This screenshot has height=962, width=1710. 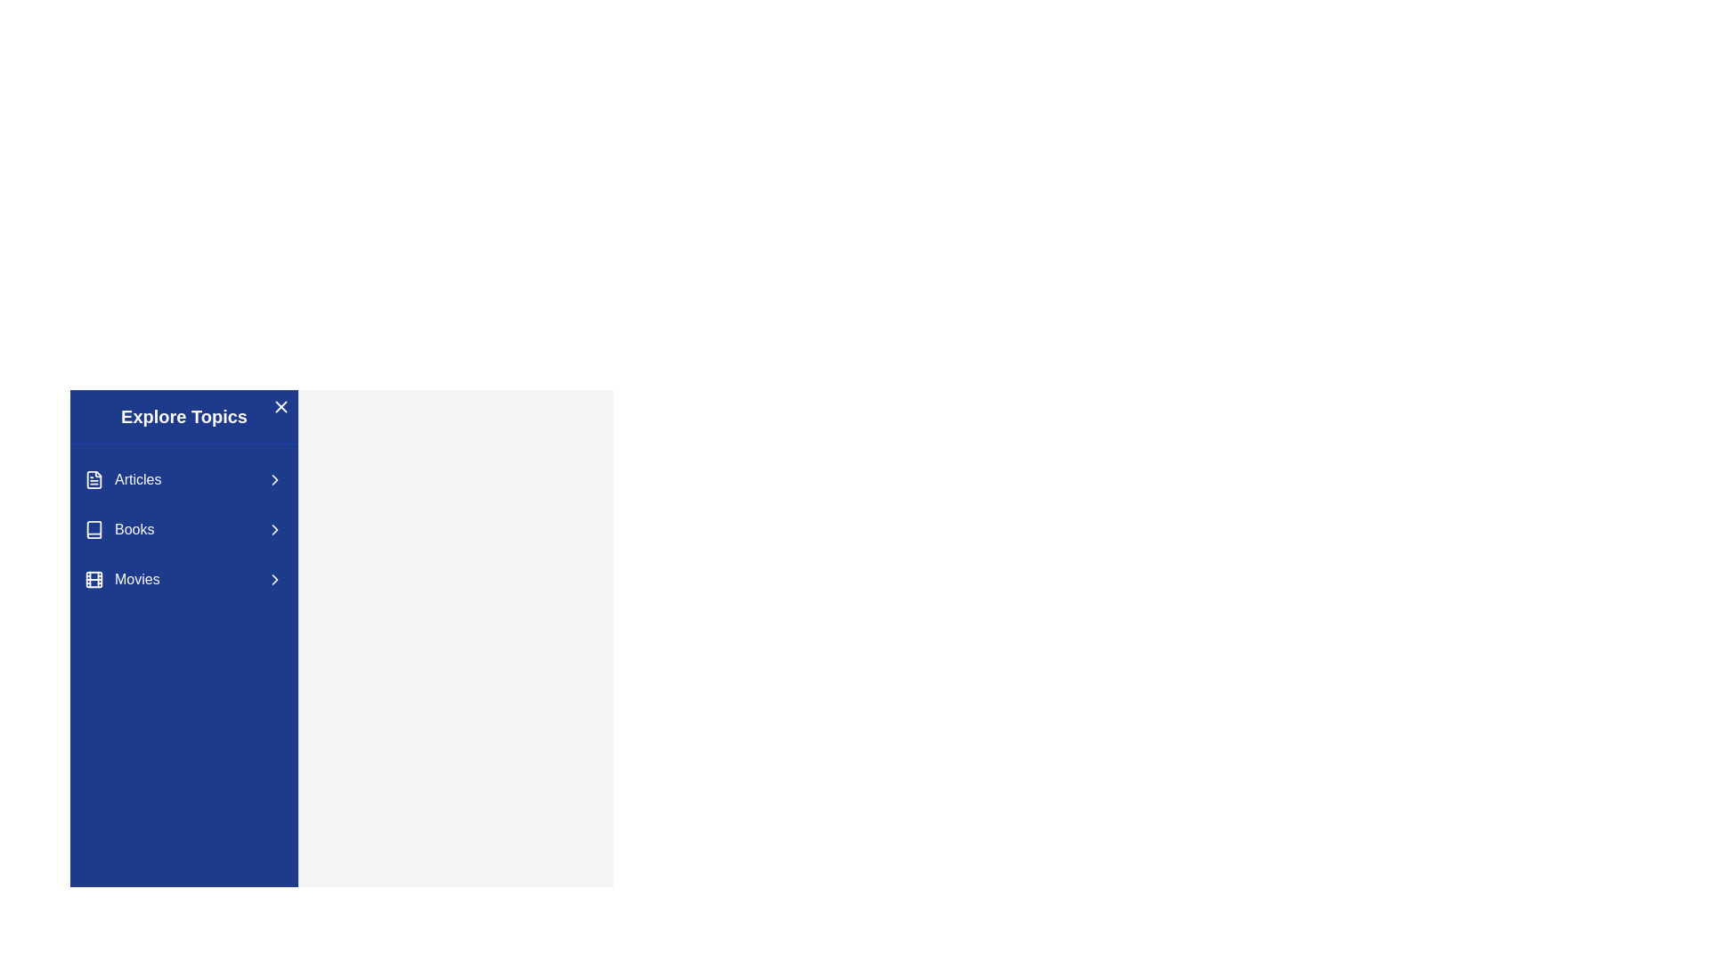 I want to click on the arrow indicator on the right side of the 'Movies' option in the sidebar navigation menu to focus on it, so click(x=273, y=580).